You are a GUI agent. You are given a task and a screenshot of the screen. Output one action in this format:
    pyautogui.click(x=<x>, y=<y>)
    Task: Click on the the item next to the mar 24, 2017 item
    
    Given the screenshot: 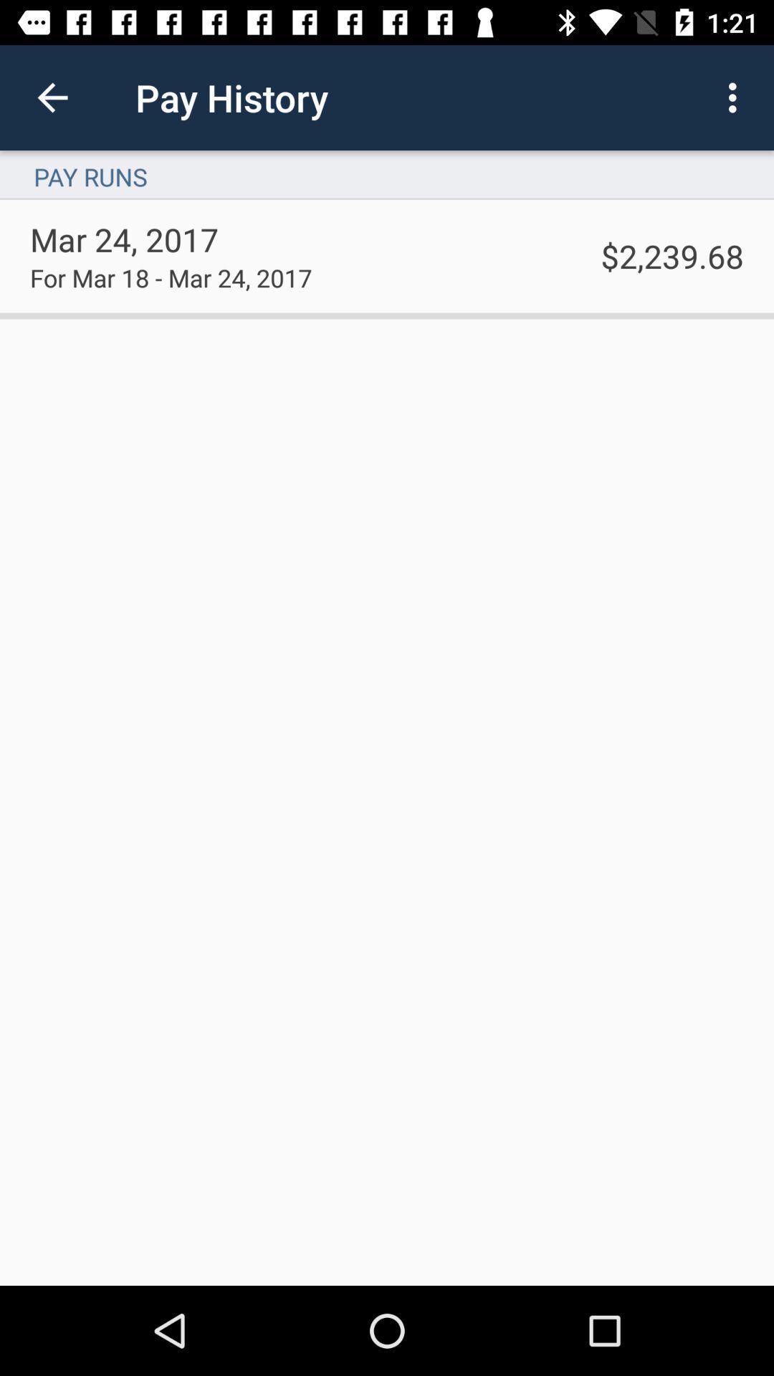 What is the action you would take?
    pyautogui.click(x=672, y=256)
    